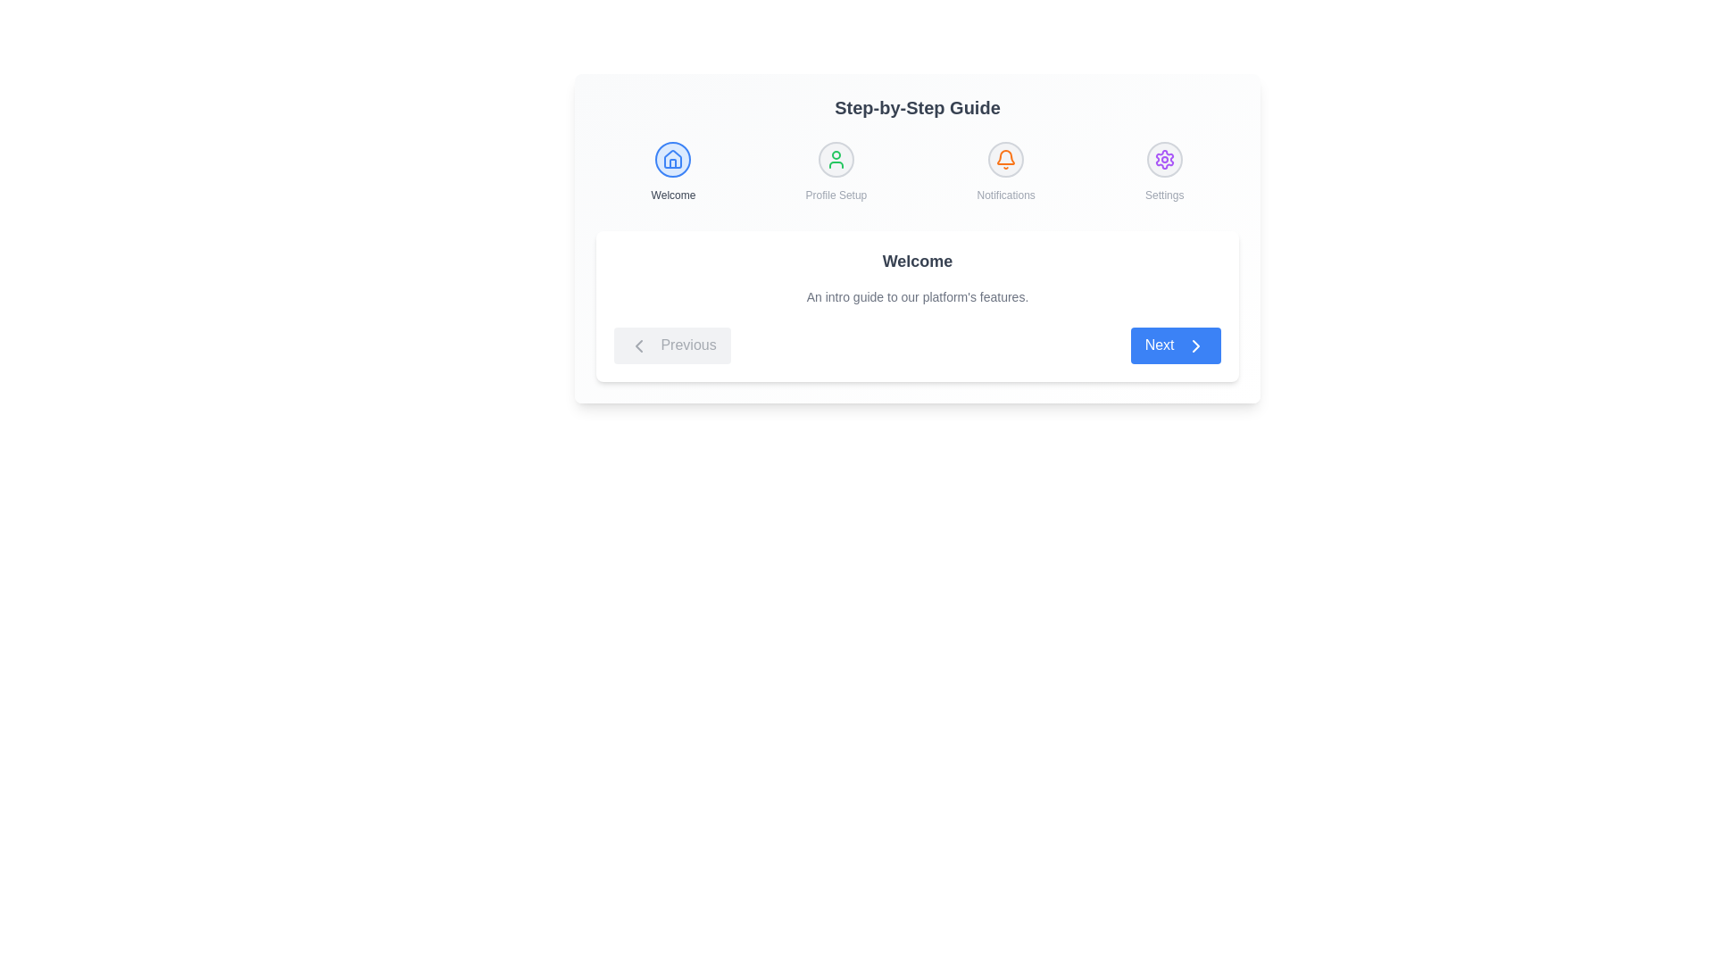 This screenshot has height=964, width=1714. I want to click on the right-facing chevron icon located within the 'Next' button at the bottom-right corner of the interface, so click(1195, 345).